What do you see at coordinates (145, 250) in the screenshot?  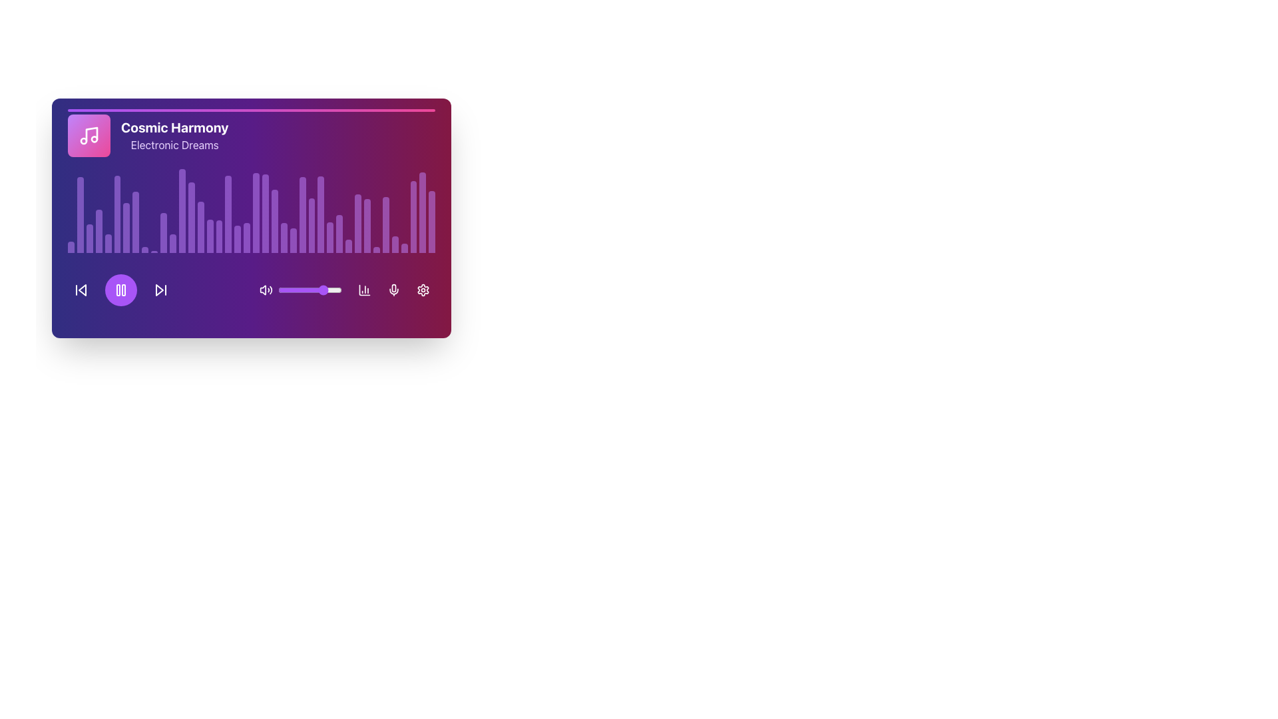 I see `the 9th vertical purple bar with a rounded top in the histogram-like configuration` at bounding box center [145, 250].